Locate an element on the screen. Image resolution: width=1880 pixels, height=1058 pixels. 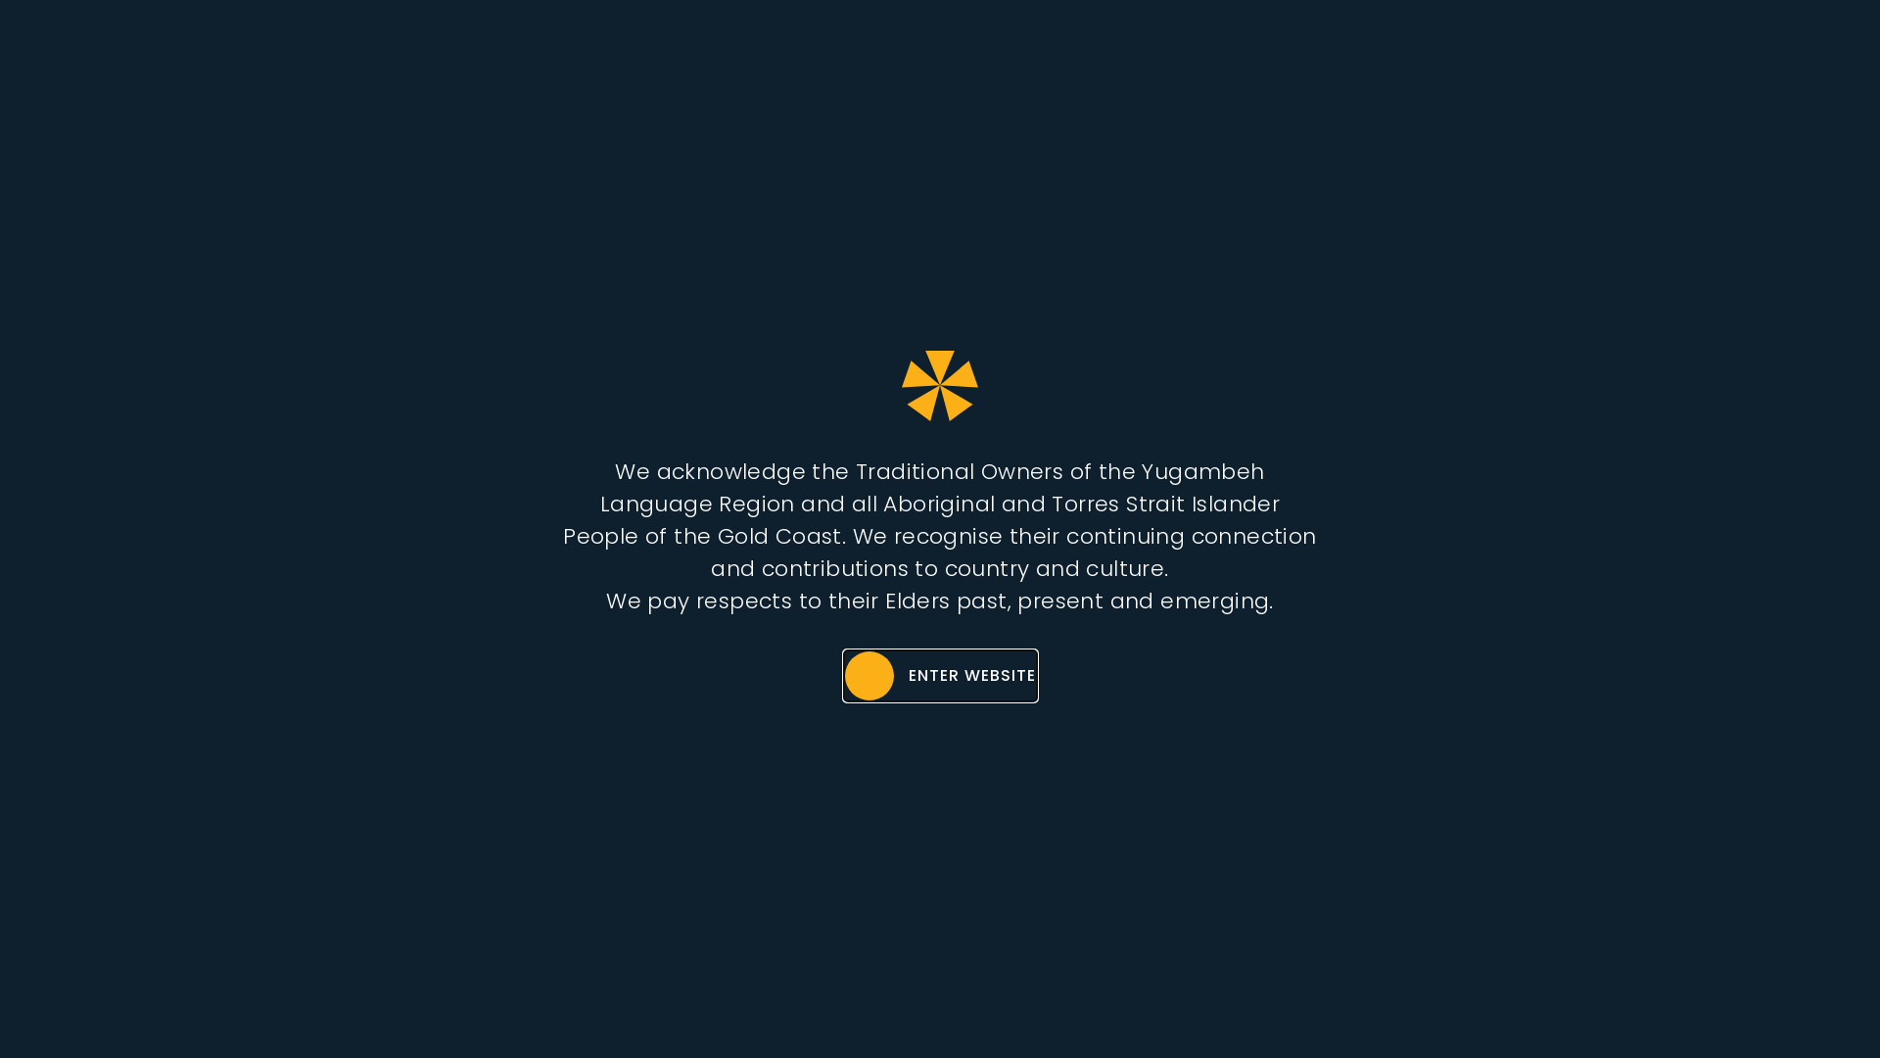
'Connected to place' is located at coordinates (1148, 56).